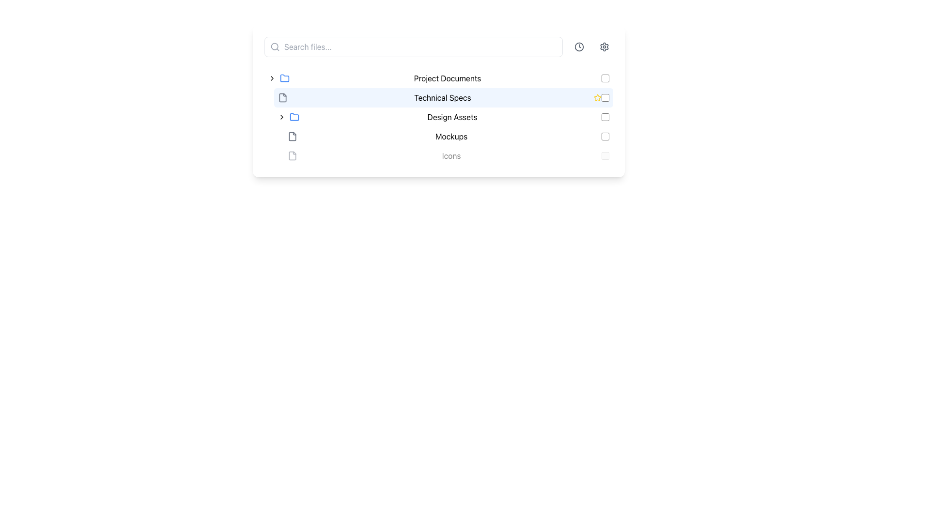  What do you see at coordinates (450, 155) in the screenshot?
I see `the text label displaying 'Icons' to trigger a tooltip or highlight` at bounding box center [450, 155].